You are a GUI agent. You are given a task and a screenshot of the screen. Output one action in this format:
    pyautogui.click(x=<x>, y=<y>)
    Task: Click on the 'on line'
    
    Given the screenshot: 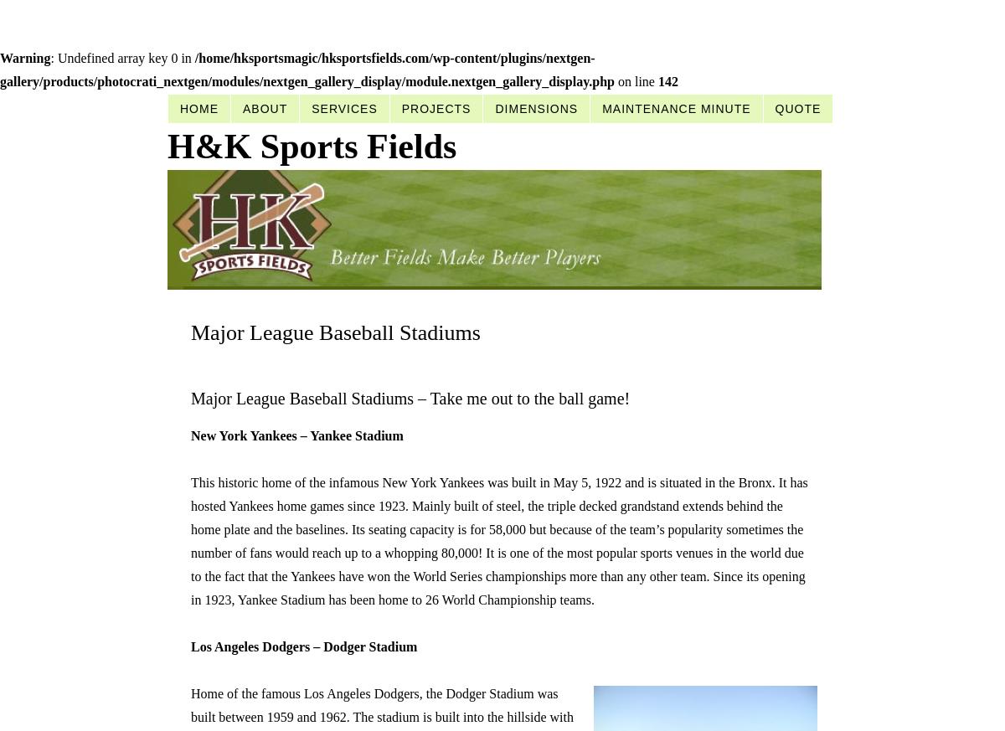 What is the action you would take?
    pyautogui.click(x=634, y=81)
    